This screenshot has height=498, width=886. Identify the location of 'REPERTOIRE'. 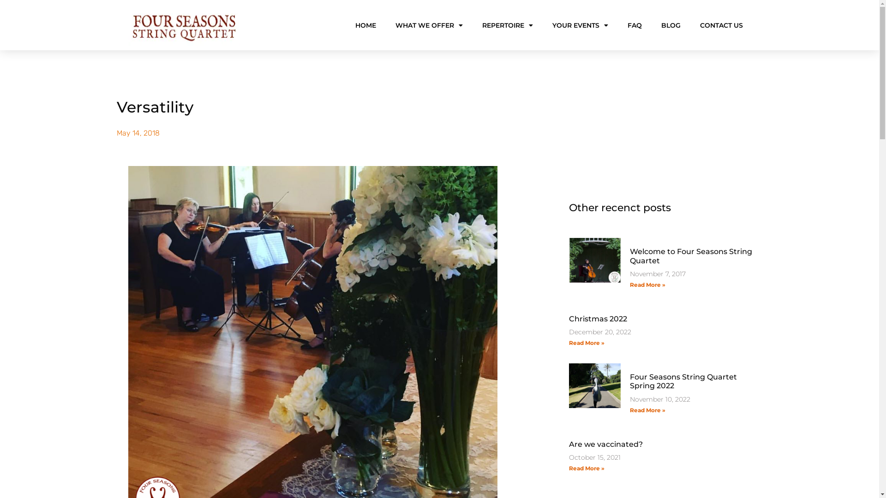
(507, 24).